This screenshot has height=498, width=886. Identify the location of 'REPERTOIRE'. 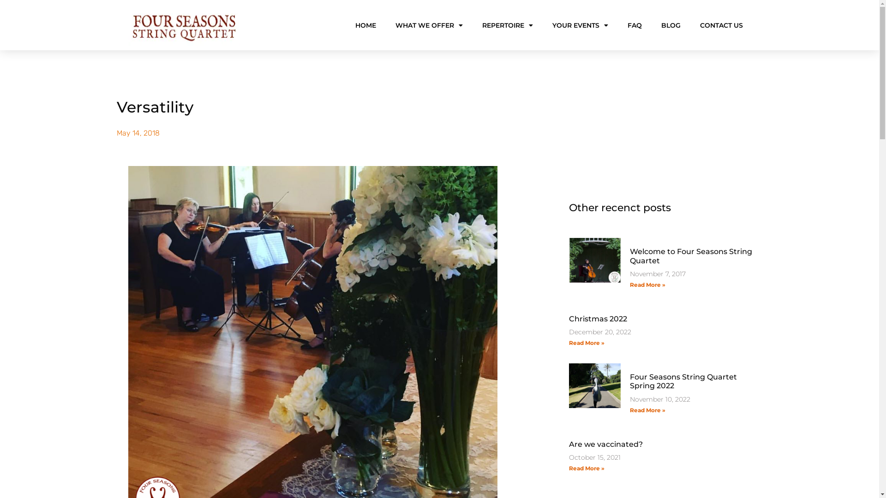
(507, 24).